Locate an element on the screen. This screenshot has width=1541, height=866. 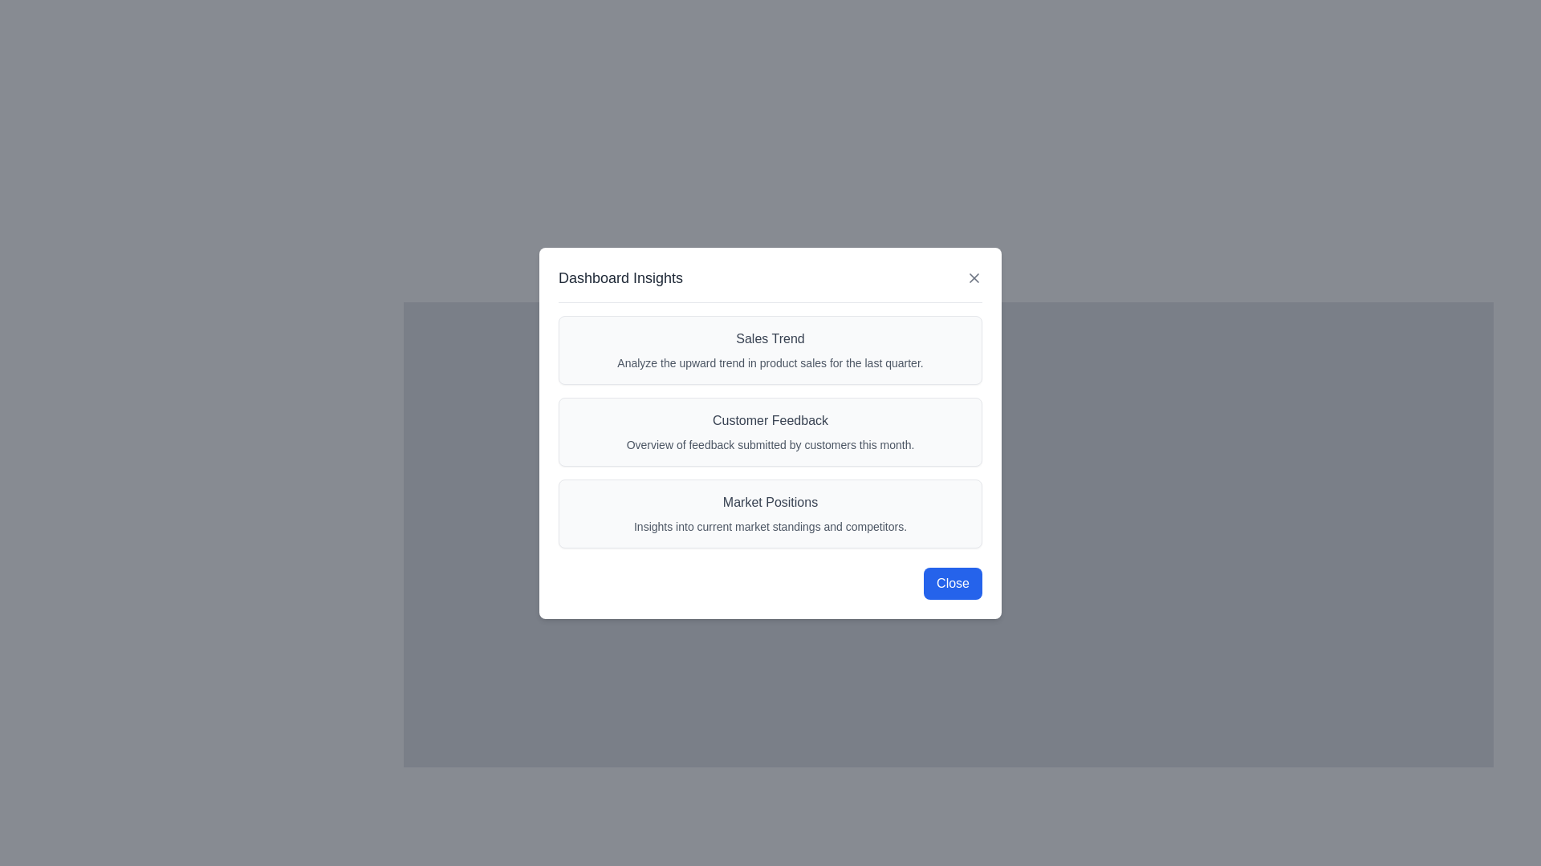
the Label text that provides contextual information related to customer feedback, located below the 'Customer Feedback' heading in the modal window is located at coordinates (770, 444).